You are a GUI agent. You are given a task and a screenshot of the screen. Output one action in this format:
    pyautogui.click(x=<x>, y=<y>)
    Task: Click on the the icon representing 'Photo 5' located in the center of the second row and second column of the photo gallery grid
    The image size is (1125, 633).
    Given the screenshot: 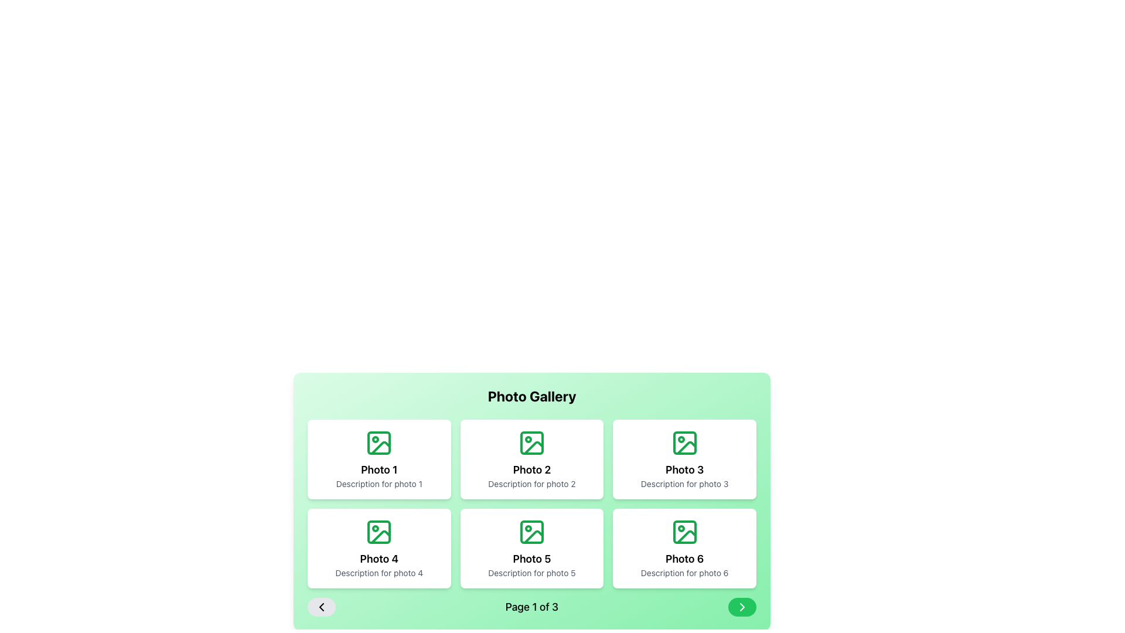 What is the action you would take?
    pyautogui.click(x=531, y=532)
    